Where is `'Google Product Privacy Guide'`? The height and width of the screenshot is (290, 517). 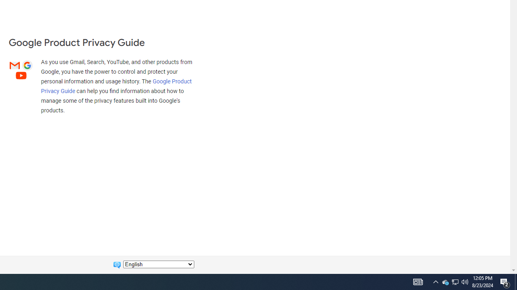 'Google Product Privacy Guide' is located at coordinates (116, 86).